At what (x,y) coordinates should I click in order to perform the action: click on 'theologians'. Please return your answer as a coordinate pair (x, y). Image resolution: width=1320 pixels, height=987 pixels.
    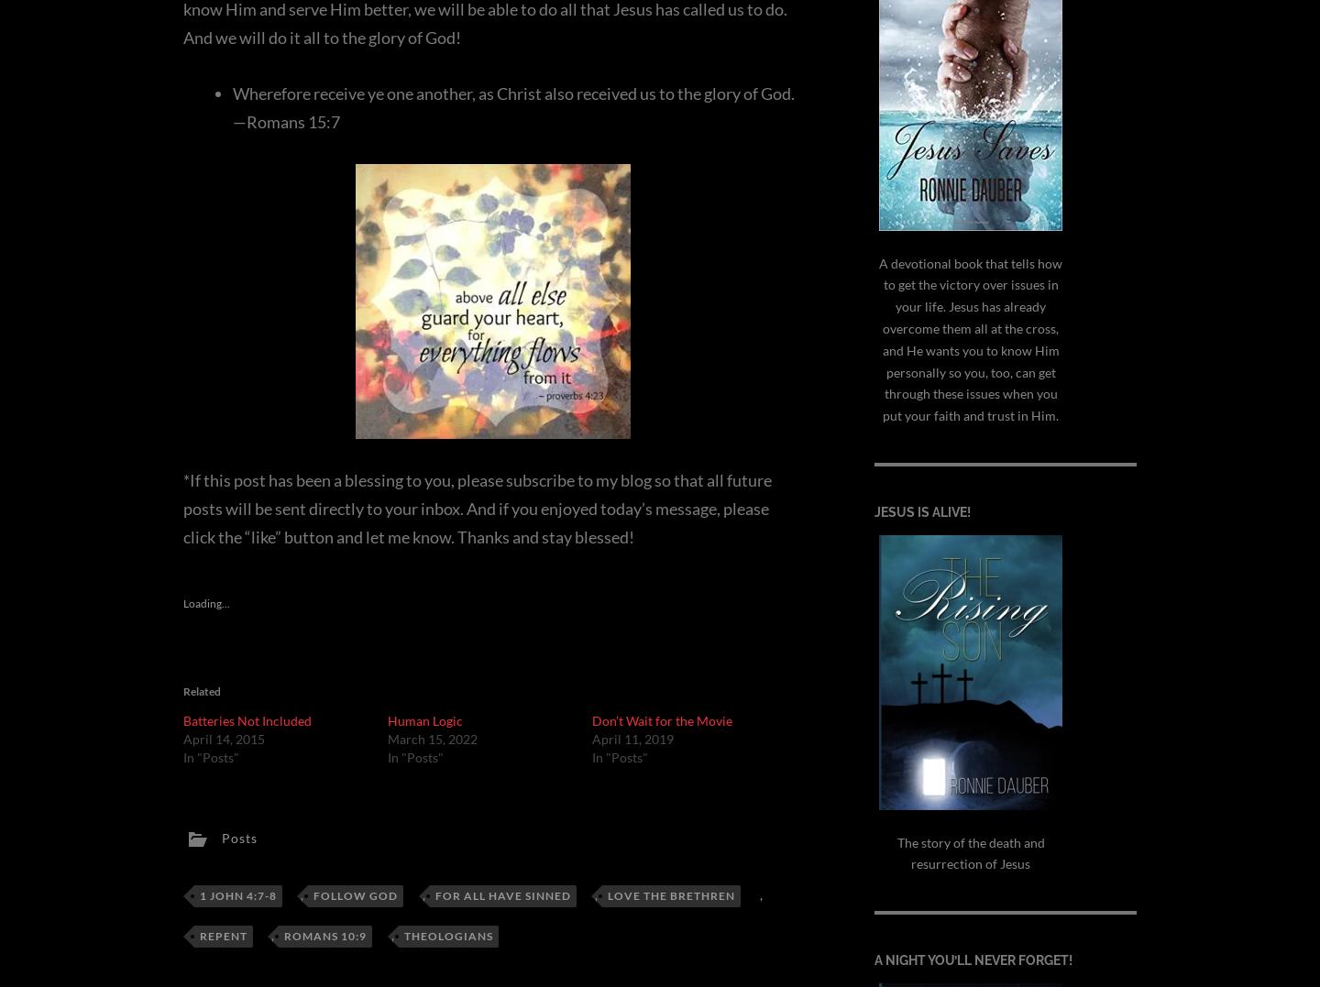
    Looking at the image, I should click on (403, 935).